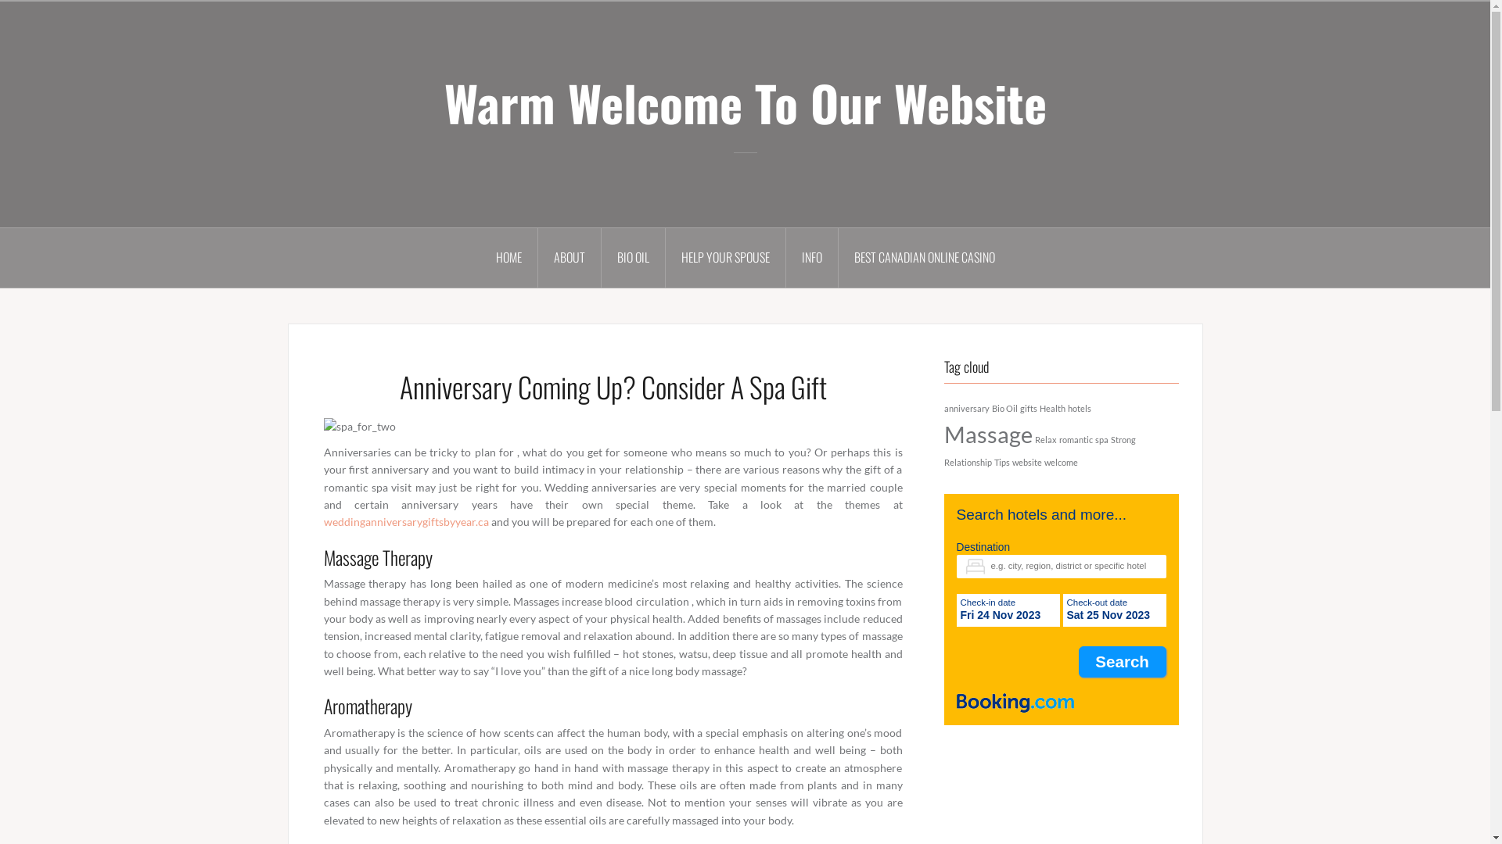 The image size is (1502, 844). What do you see at coordinates (1101, 439) in the screenshot?
I see `'spa'` at bounding box center [1101, 439].